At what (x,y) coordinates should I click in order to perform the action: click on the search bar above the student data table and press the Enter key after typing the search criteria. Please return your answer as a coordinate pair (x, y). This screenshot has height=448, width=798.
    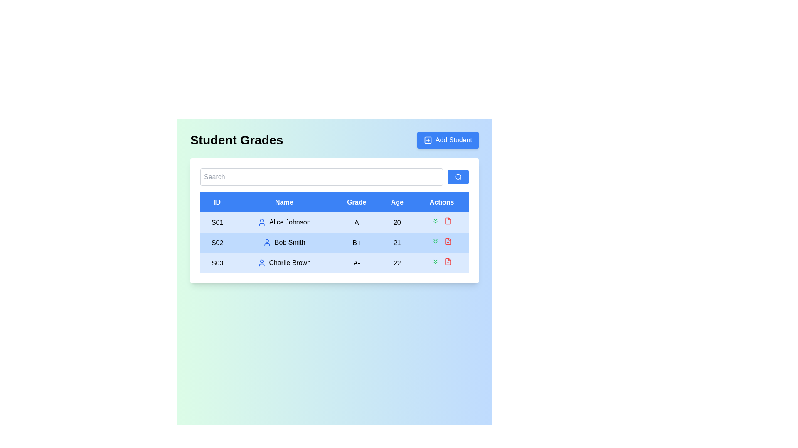
    Looking at the image, I should click on (335, 177).